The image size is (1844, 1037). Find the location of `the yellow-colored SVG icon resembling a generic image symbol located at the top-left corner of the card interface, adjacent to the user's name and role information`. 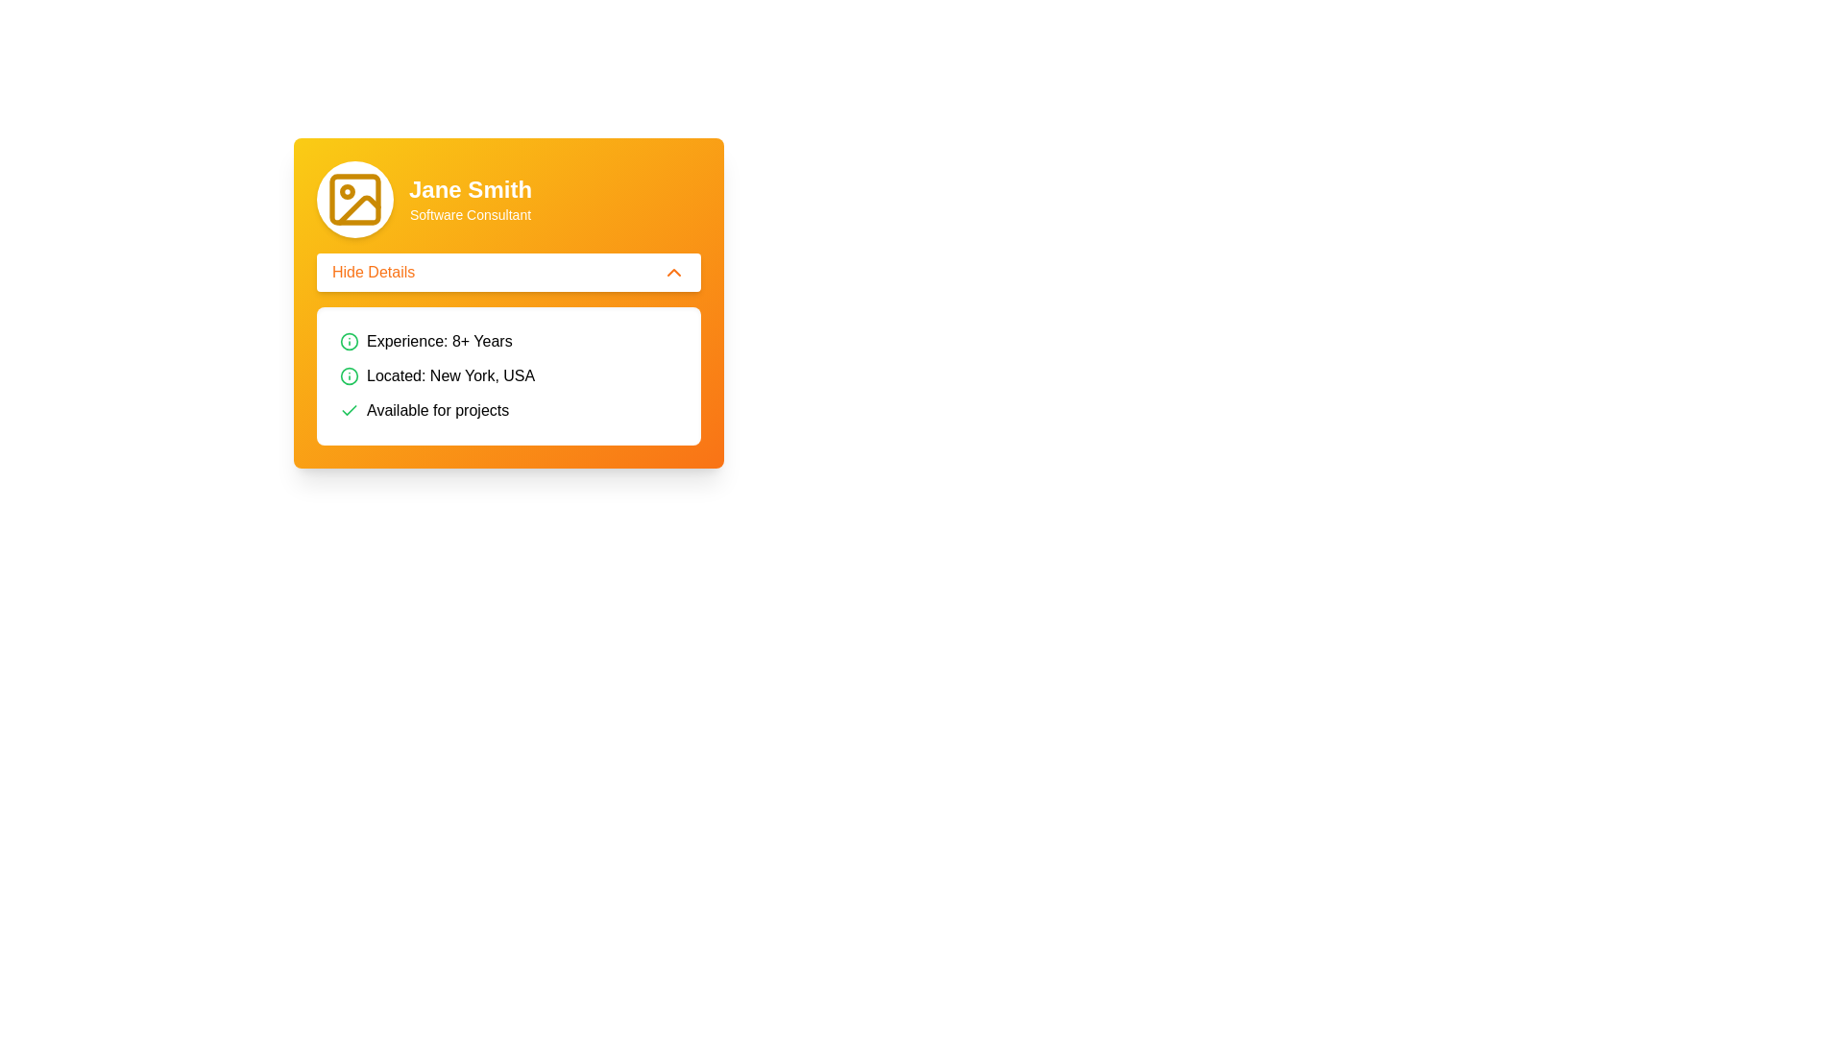

the yellow-colored SVG icon resembling a generic image symbol located at the top-left corner of the card interface, adjacent to the user's name and role information is located at coordinates (354, 200).